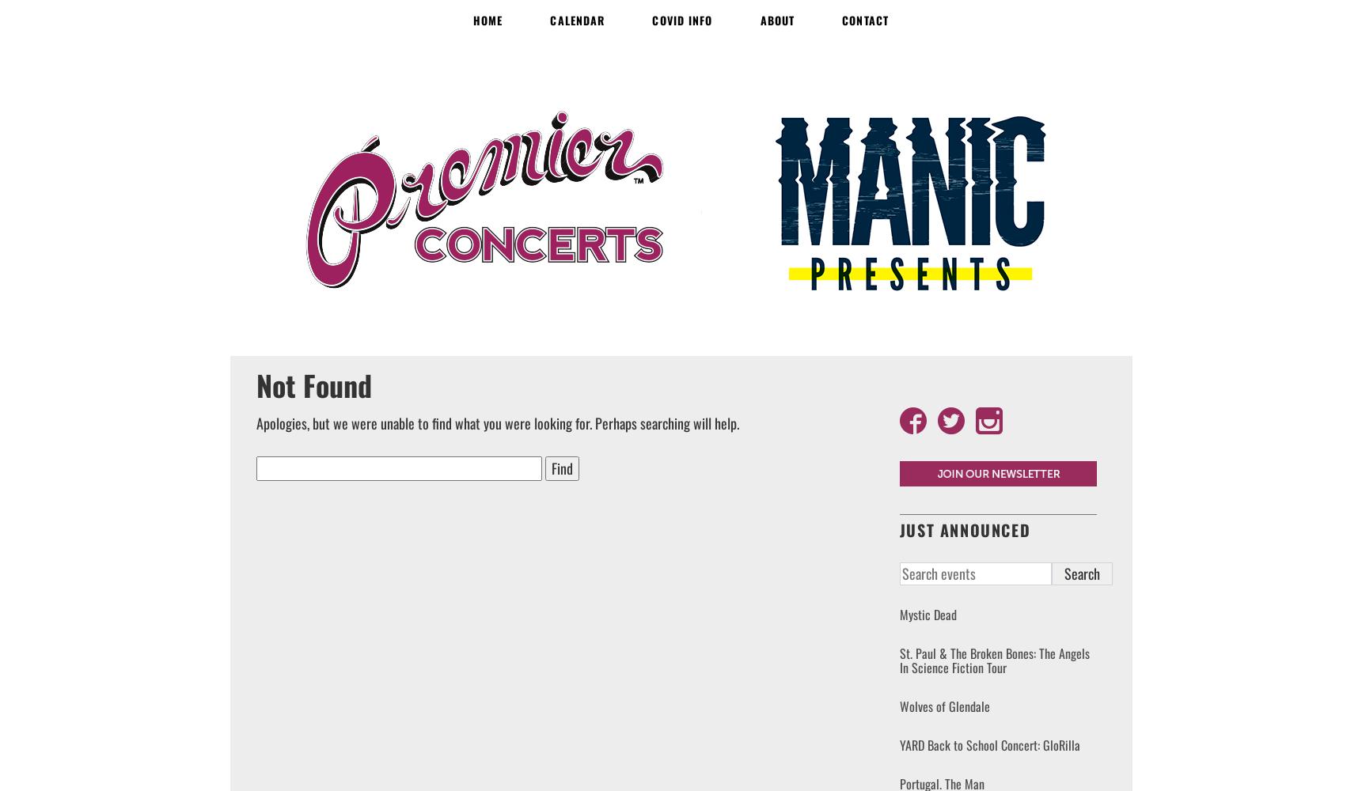 This screenshot has height=791, width=1362. Describe the element at coordinates (577, 20) in the screenshot. I see `'Calendar'` at that location.